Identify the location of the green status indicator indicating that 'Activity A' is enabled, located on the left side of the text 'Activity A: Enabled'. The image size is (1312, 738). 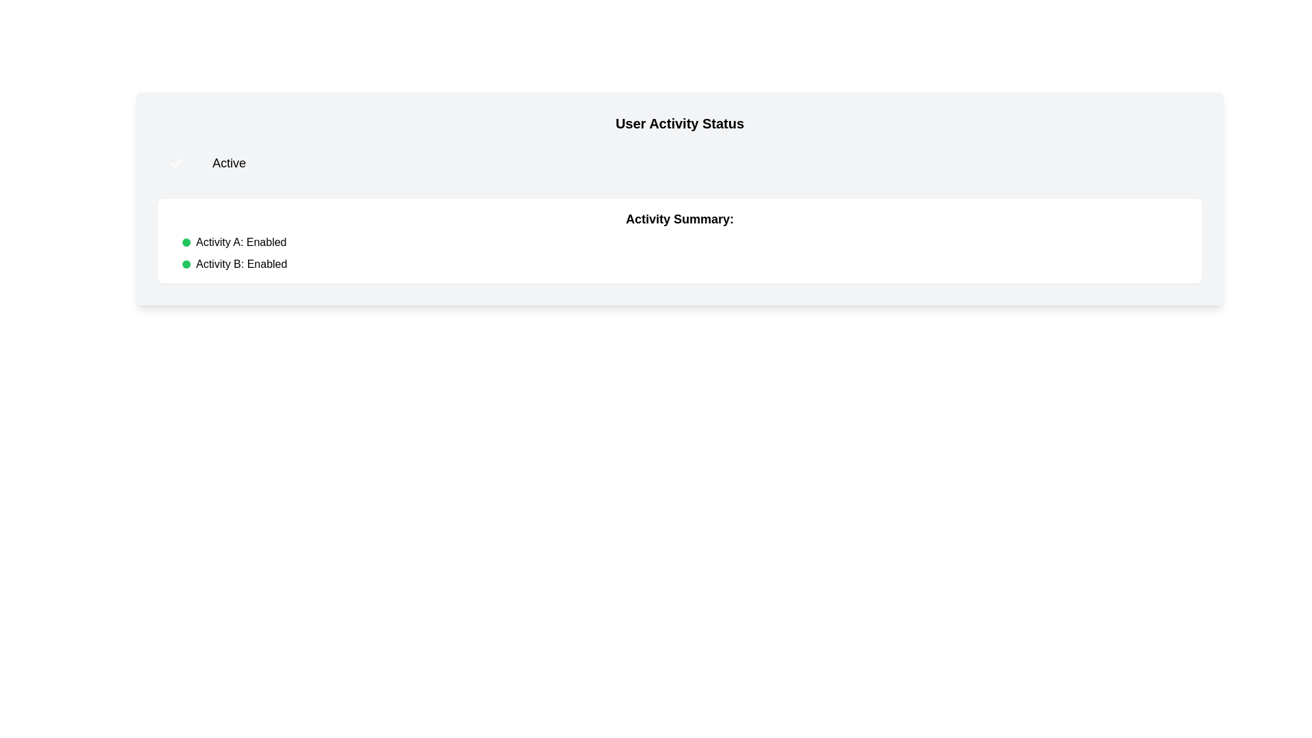
(186, 241).